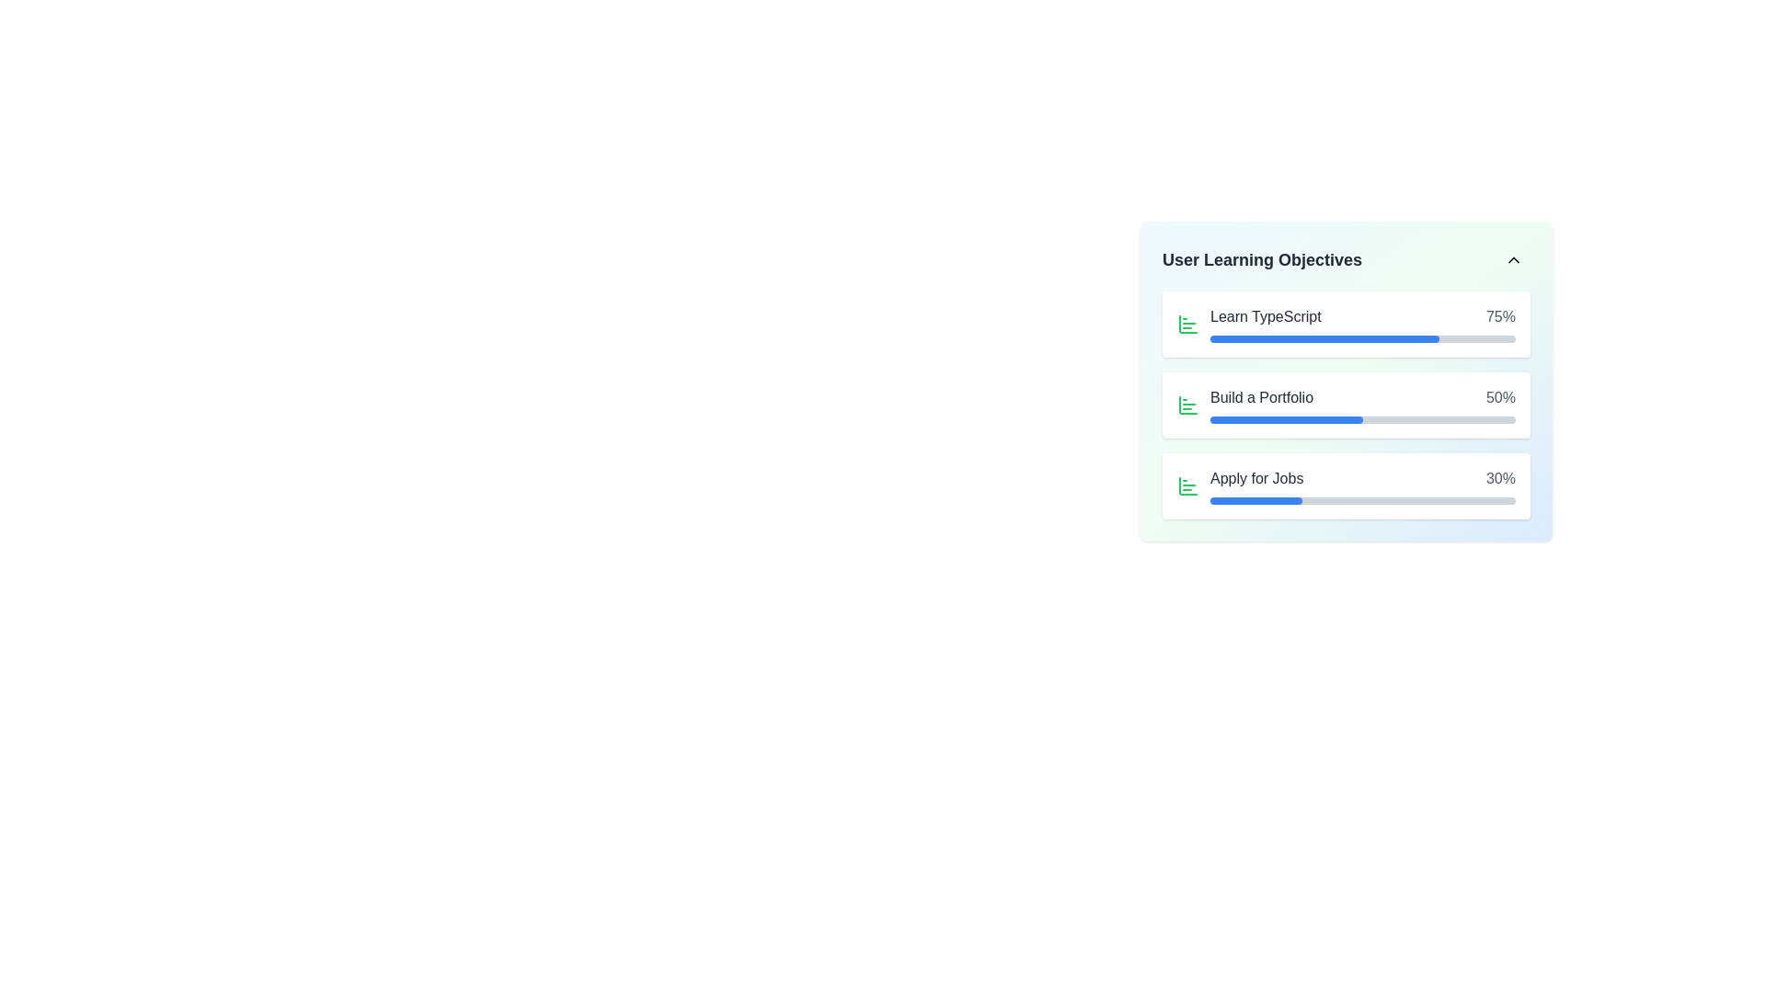 This screenshot has height=993, width=1766. I want to click on the text label displaying '75%' in gray font, so click(1501, 315).